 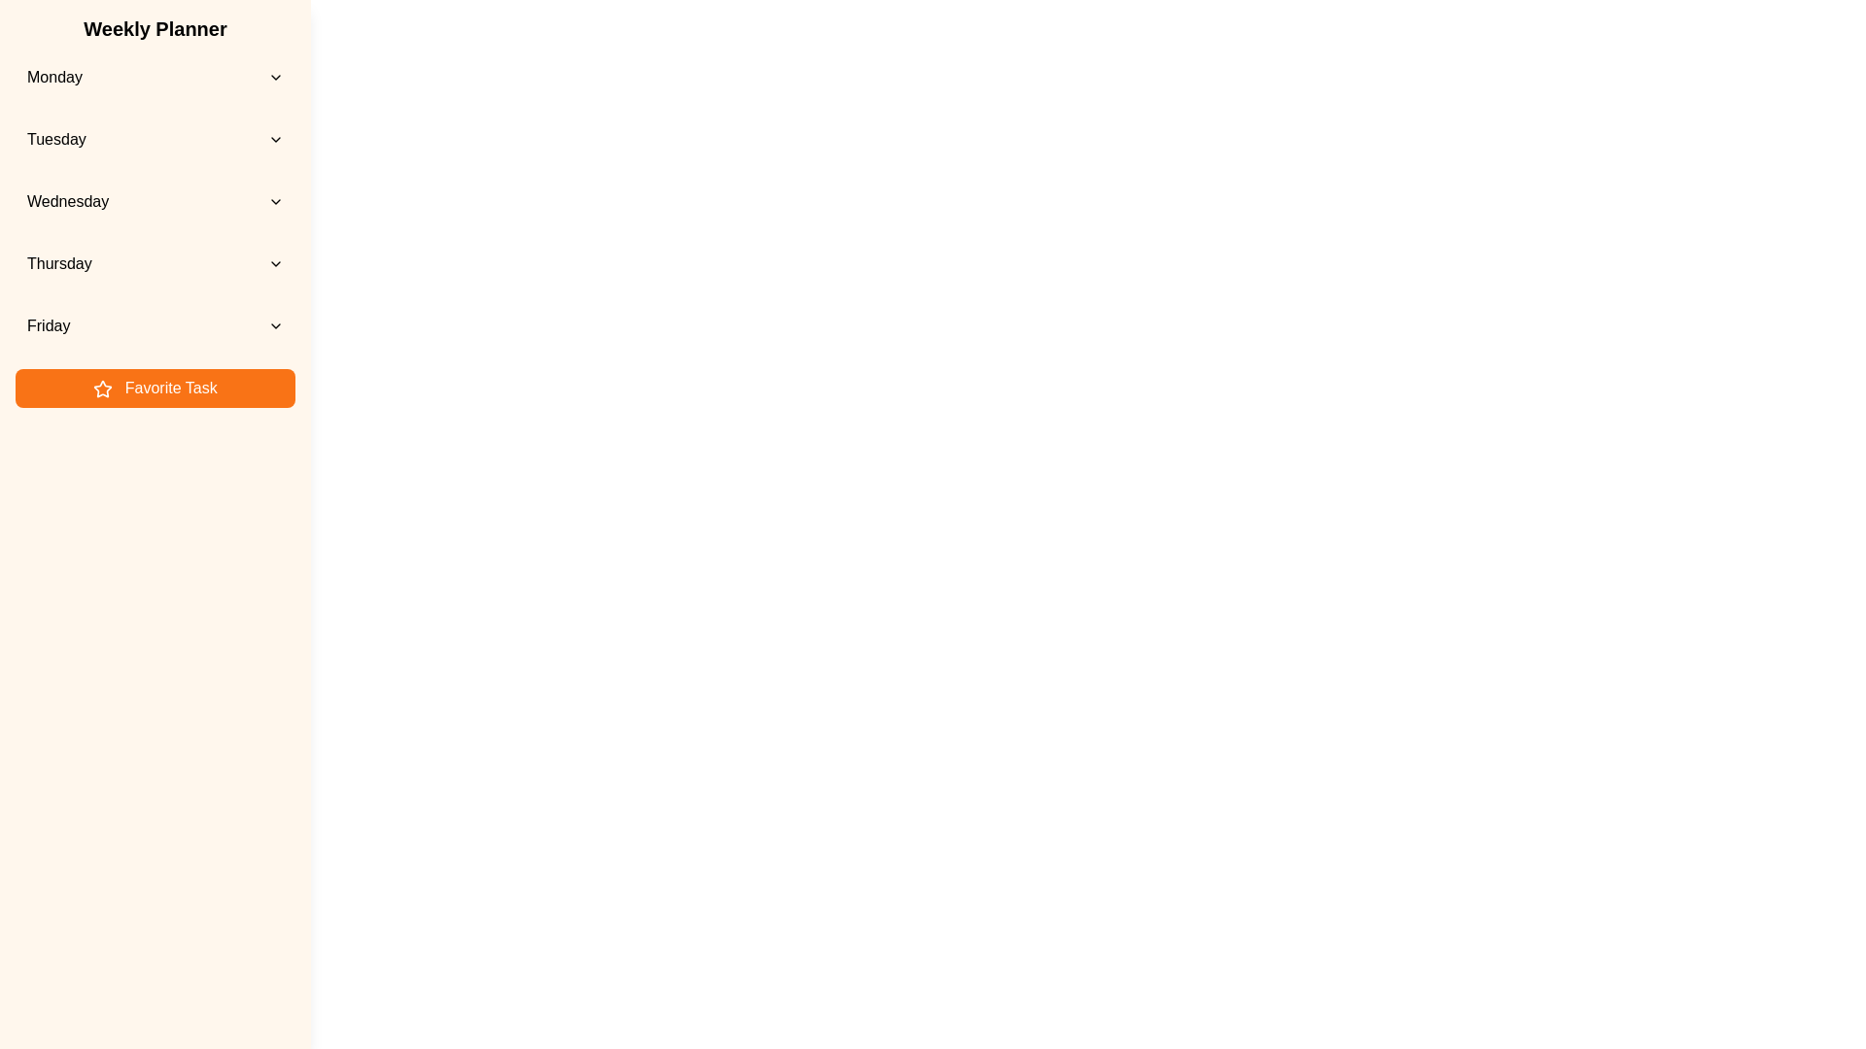 What do you see at coordinates (154, 324) in the screenshot?
I see `the day Friday from the list to view its events` at bounding box center [154, 324].